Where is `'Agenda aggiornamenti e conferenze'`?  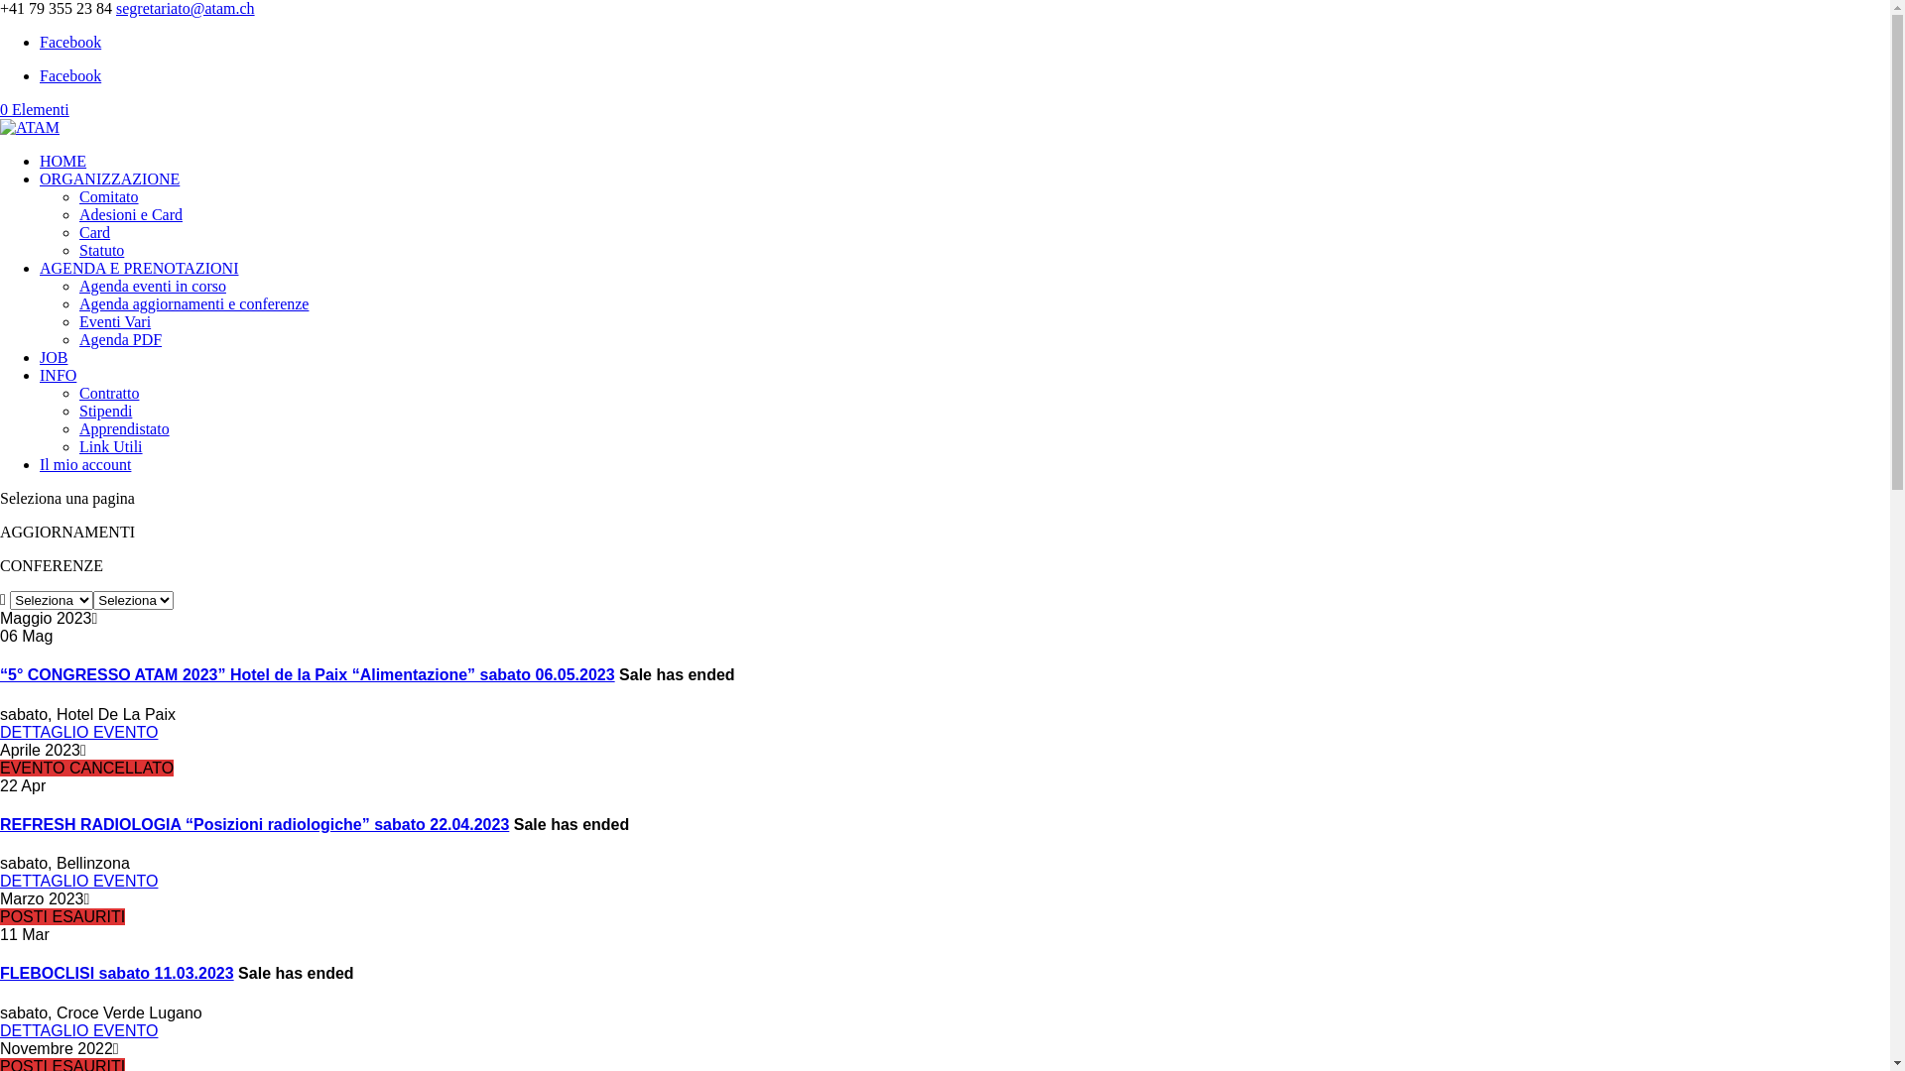 'Agenda aggiornamenti e conferenze' is located at coordinates (79, 303).